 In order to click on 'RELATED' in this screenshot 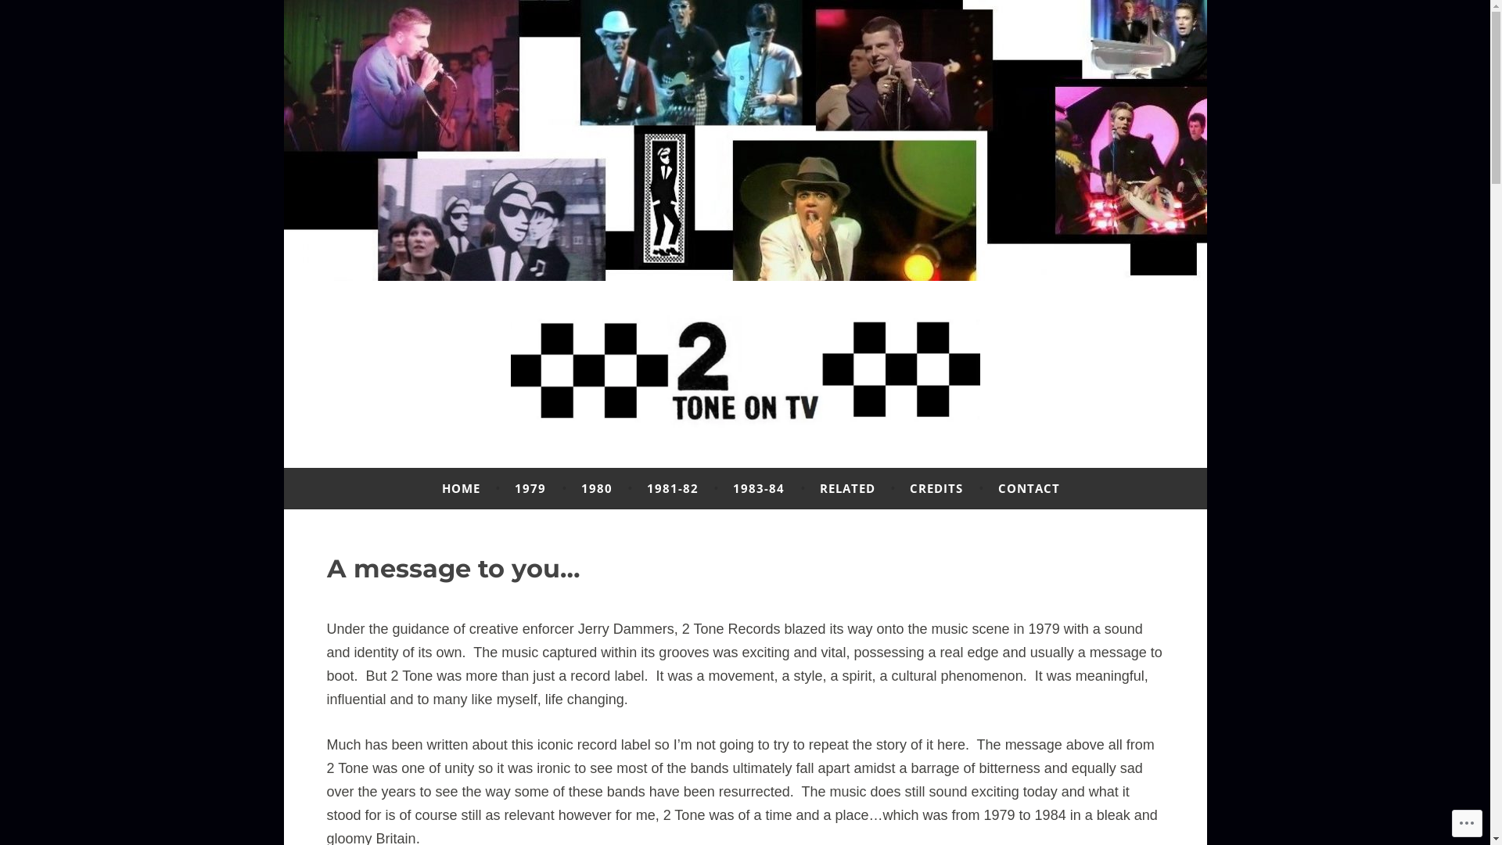, I will do `click(846, 487)`.